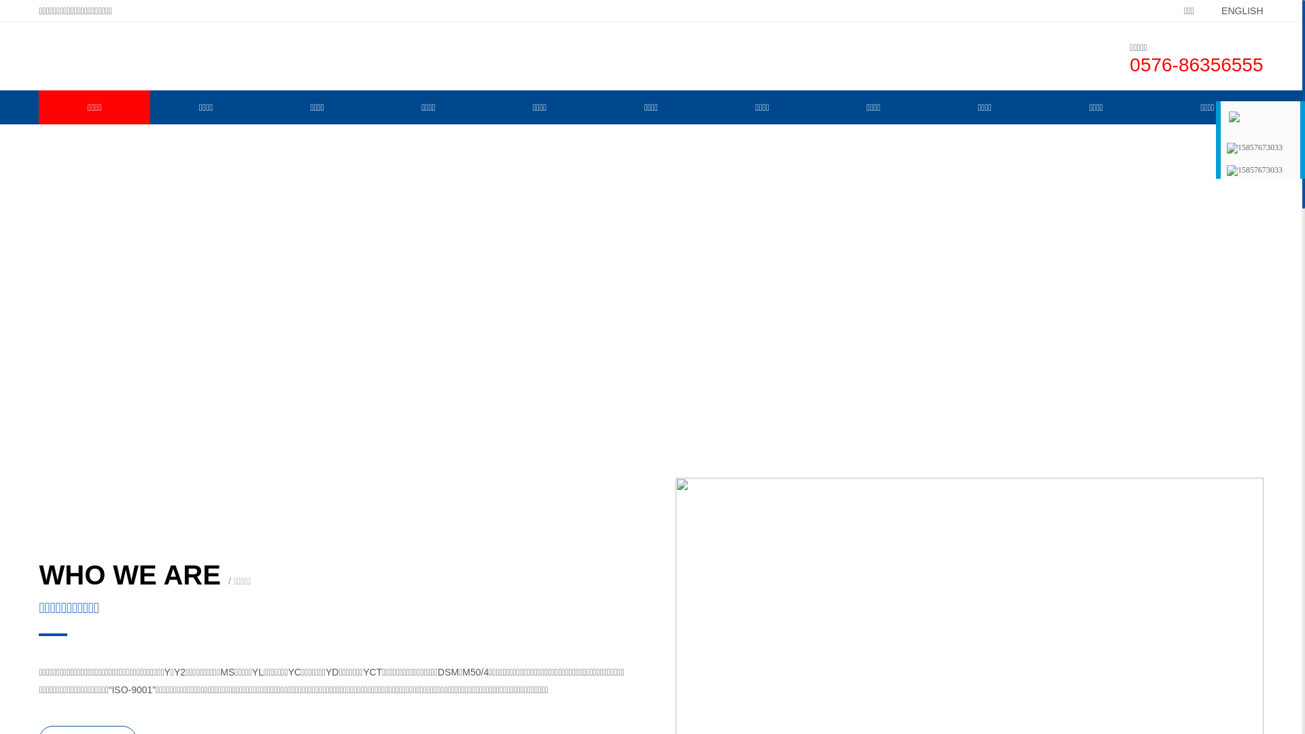 The height and width of the screenshot is (734, 1305). What do you see at coordinates (1200, 10) in the screenshot?
I see `'ENGLISH'` at bounding box center [1200, 10].